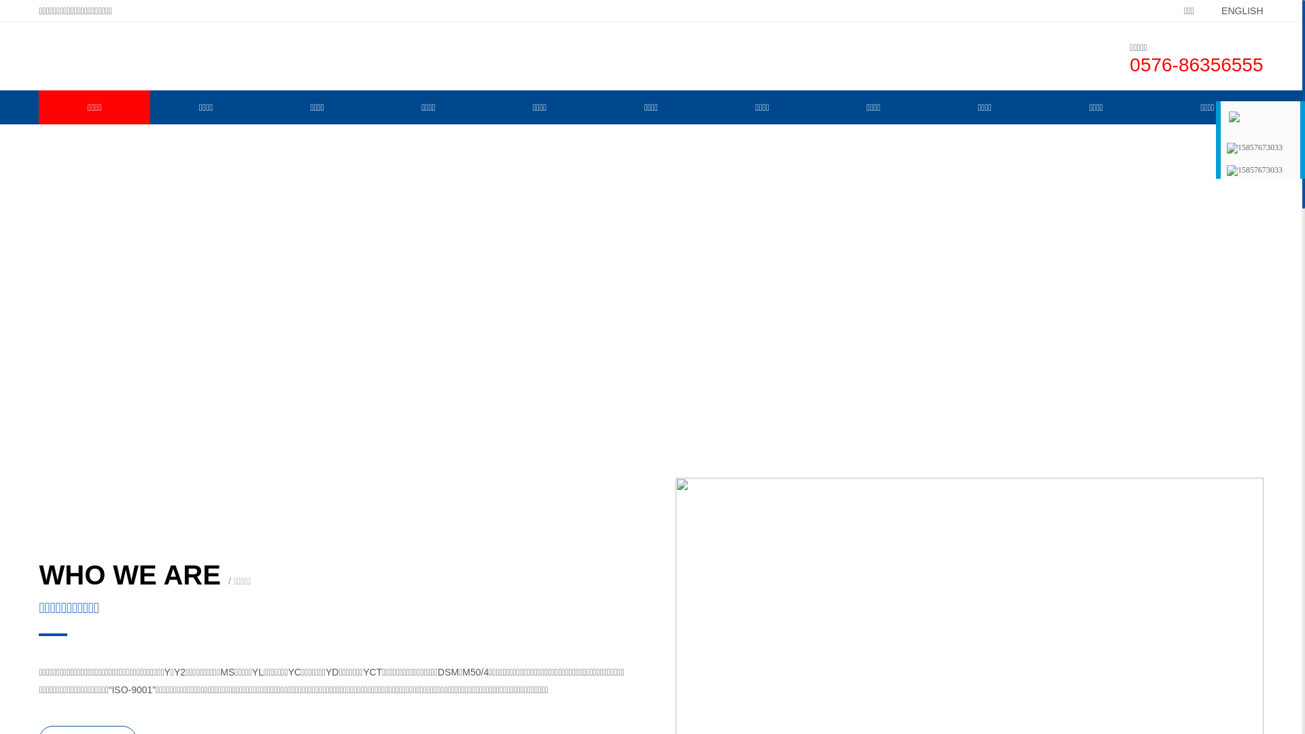 The height and width of the screenshot is (734, 1305). What do you see at coordinates (1200, 10) in the screenshot?
I see `'ENGLISH'` at bounding box center [1200, 10].